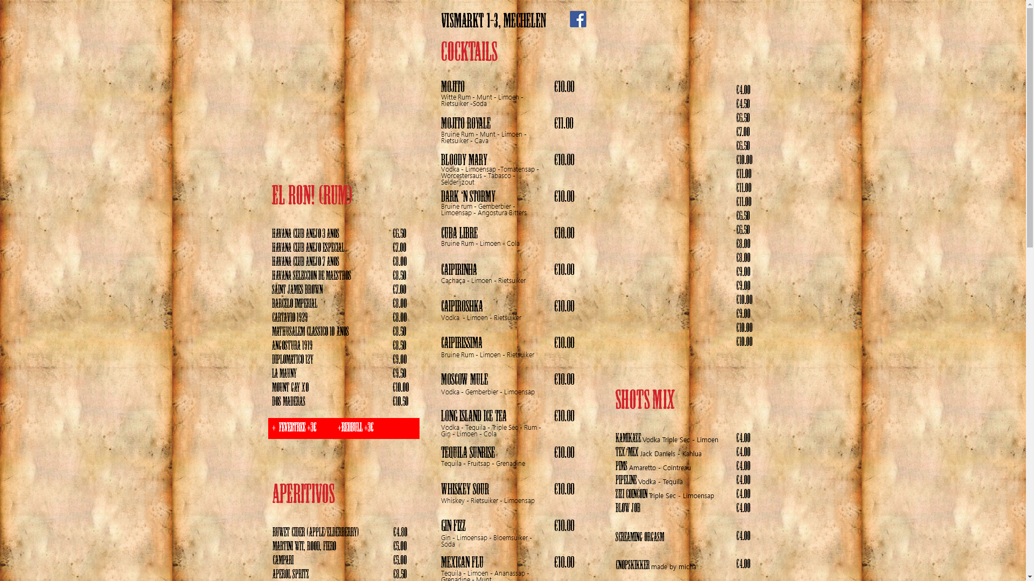 Image resolution: width=1034 pixels, height=581 pixels. I want to click on 'Facebook', so click(577, 19).